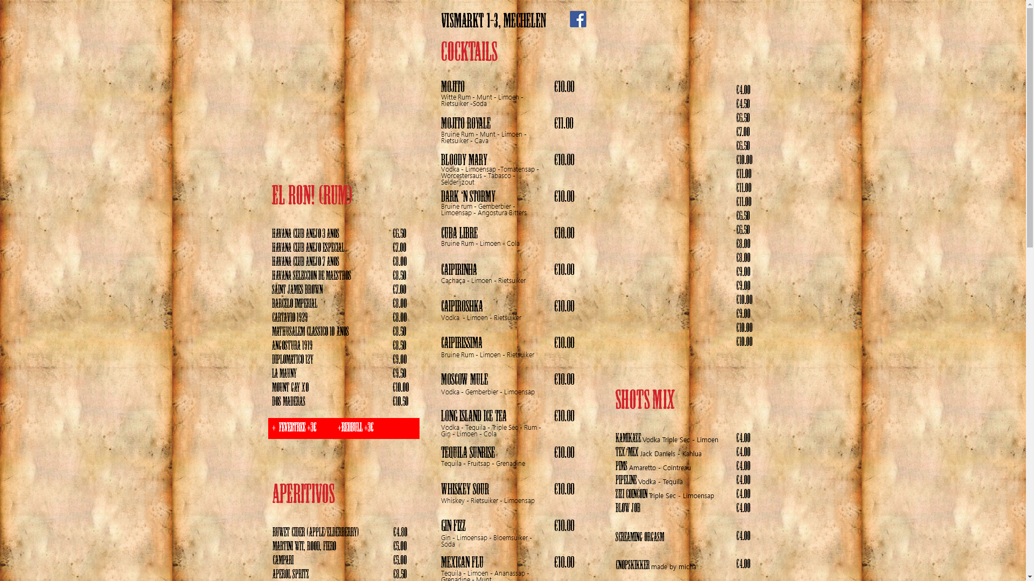 Image resolution: width=1034 pixels, height=581 pixels. I want to click on 'Facebook', so click(577, 19).